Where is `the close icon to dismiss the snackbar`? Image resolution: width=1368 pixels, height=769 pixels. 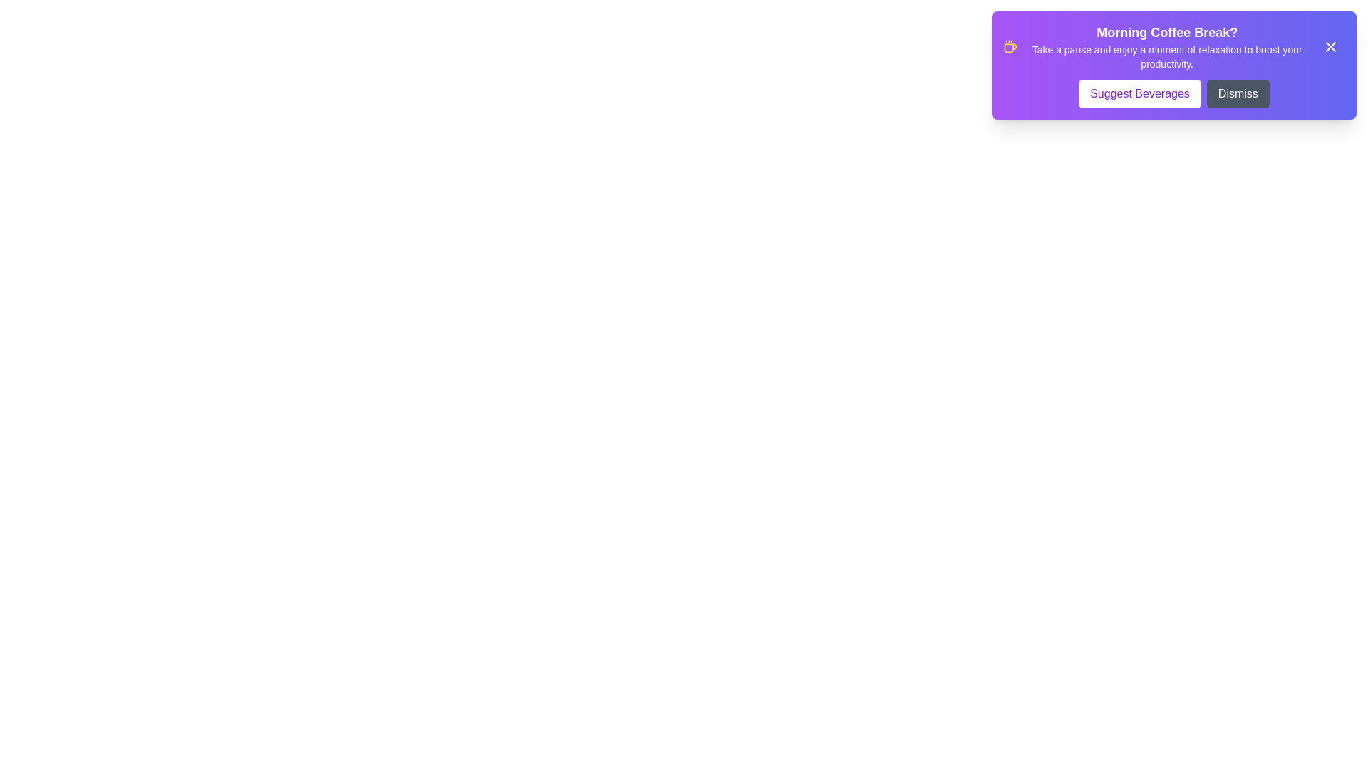
the close icon to dismiss the snackbar is located at coordinates (1330, 46).